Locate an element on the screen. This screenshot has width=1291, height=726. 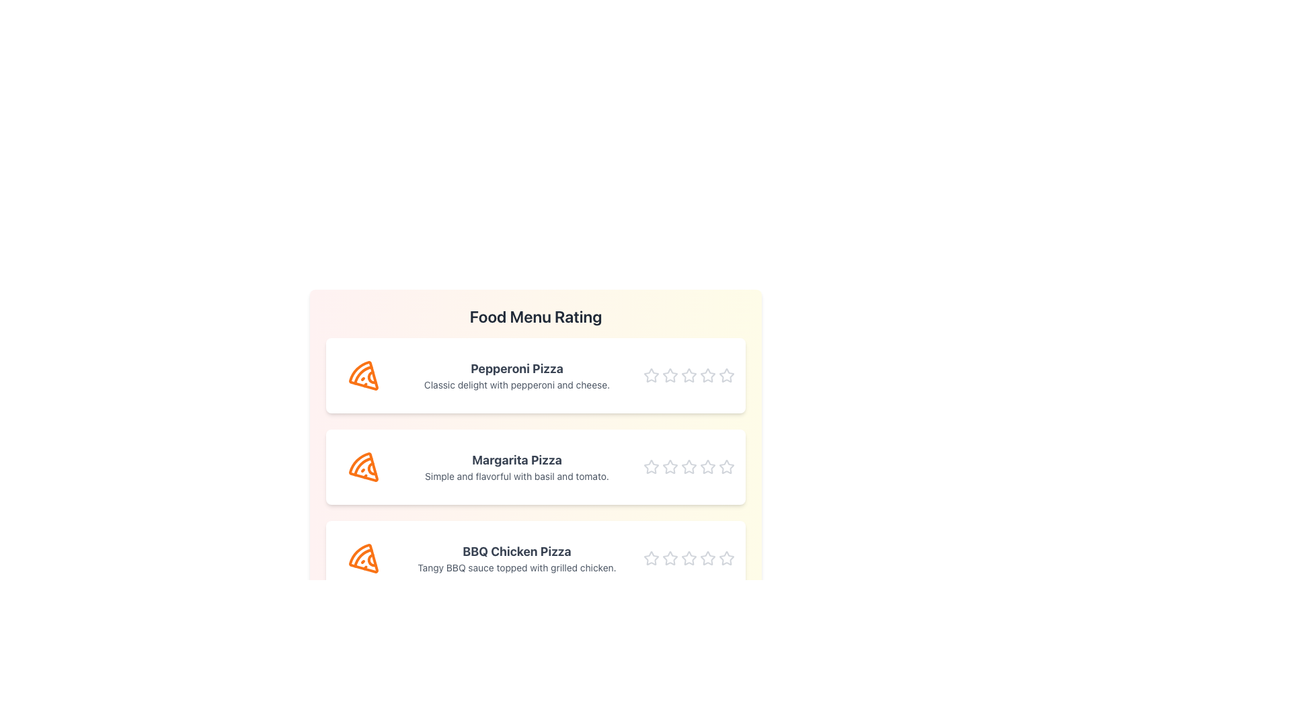
the fourth star rating icon for the 'BBQ Chicken Pizza' in the five-star rating system is located at coordinates (707, 558).